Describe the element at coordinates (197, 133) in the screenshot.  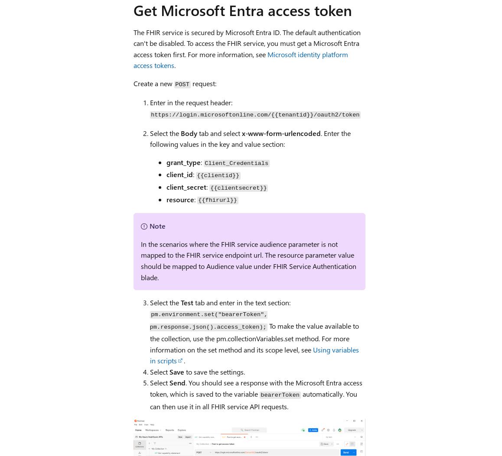
I see `'tab and select'` at that location.